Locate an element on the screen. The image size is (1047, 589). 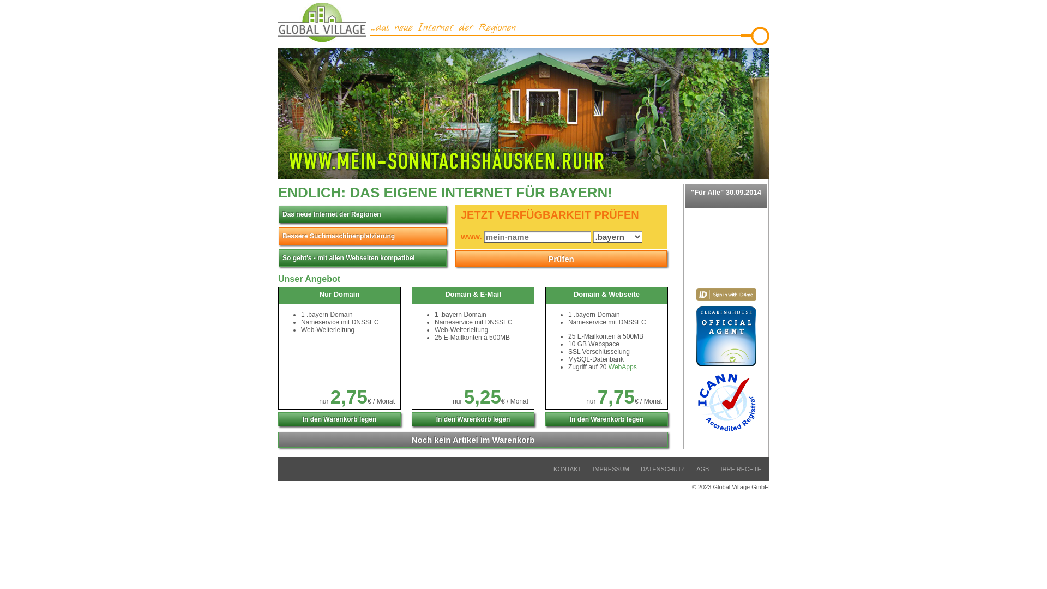
'In den Warenkorb legen' is located at coordinates (339, 418).